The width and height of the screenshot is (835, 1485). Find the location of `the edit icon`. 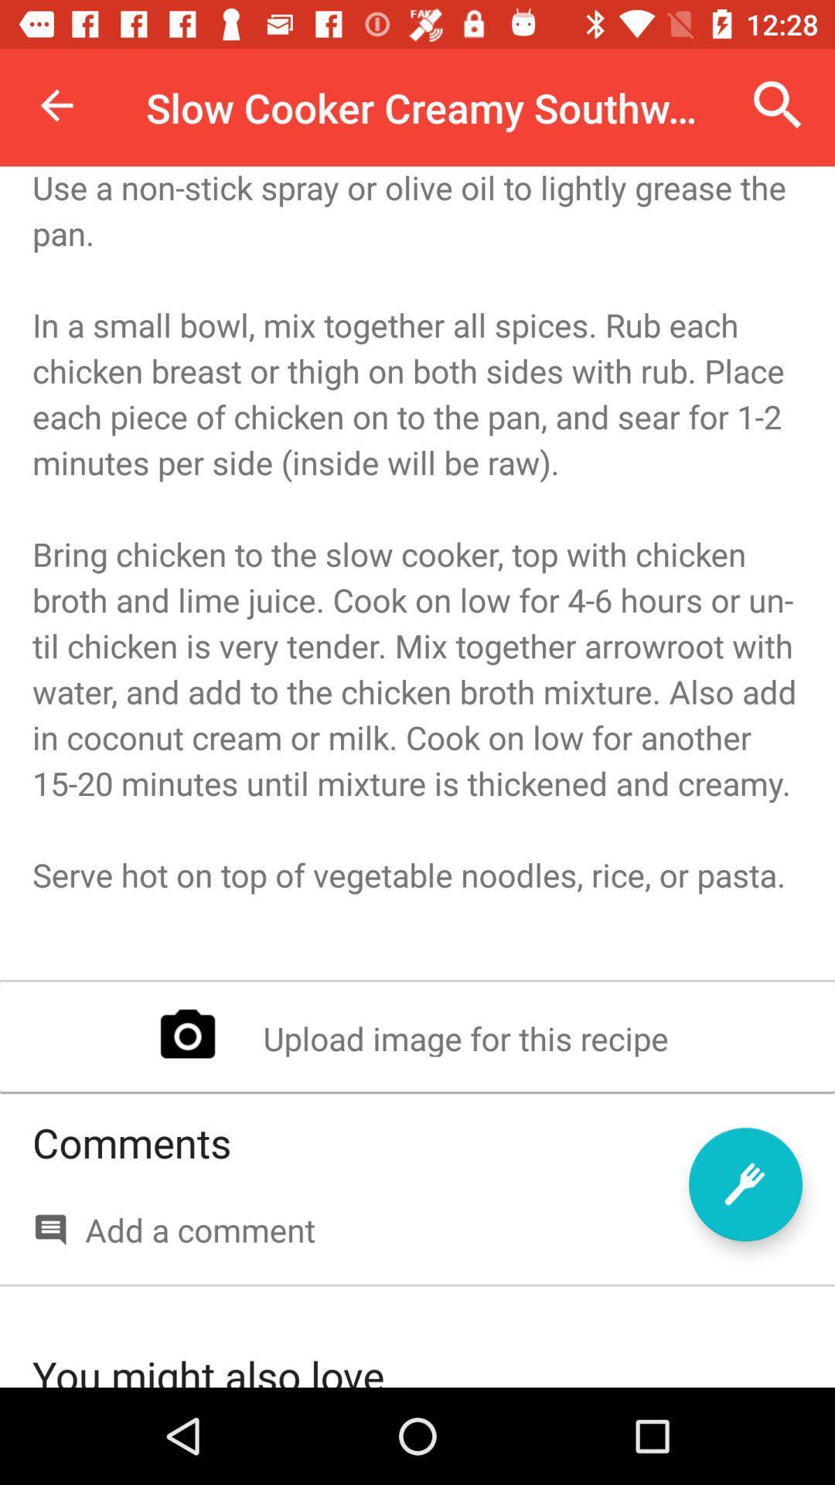

the edit icon is located at coordinates (745, 1183).